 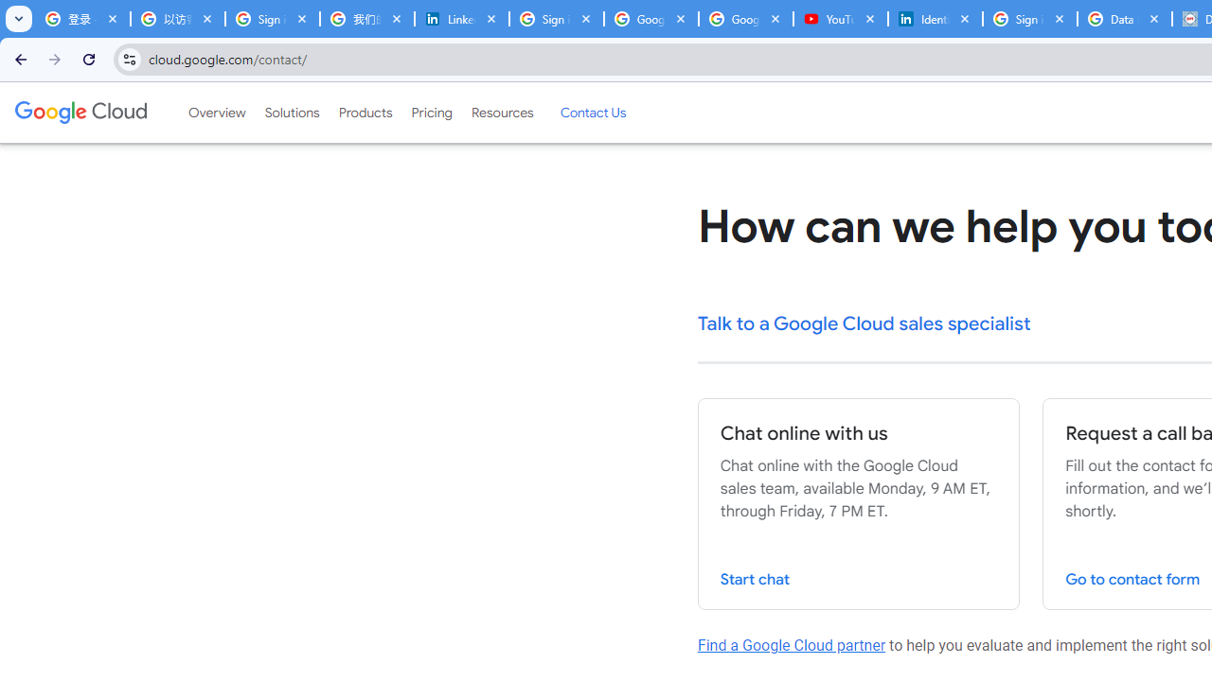 I want to click on 'Pricing', so click(x=430, y=113).